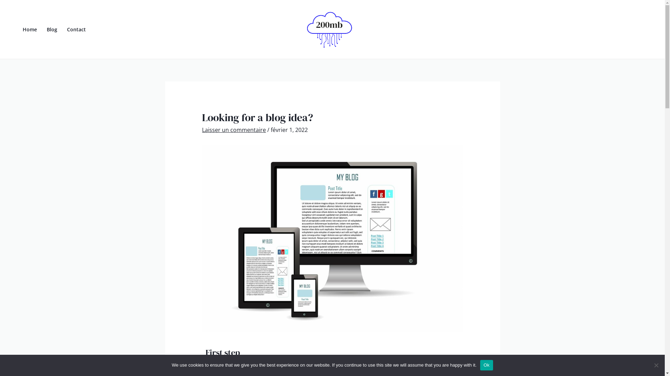 This screenshot has width=670, height=376. I want to click on 'Laisser un commentaire', so click(234, 130).